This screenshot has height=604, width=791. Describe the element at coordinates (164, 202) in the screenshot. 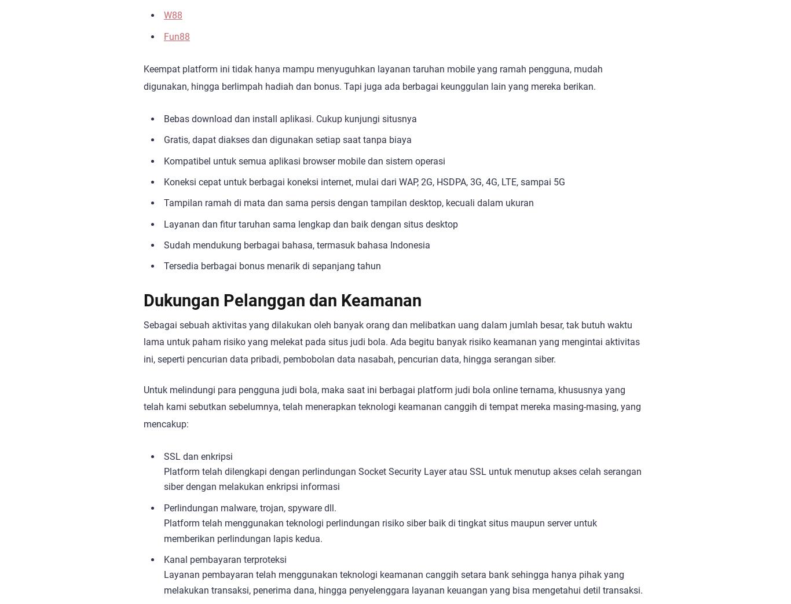

I see `'Tampilan ramah di mata dan sama persis dengan tampilan desktop, kecuali dalam ukuran'` at that location.